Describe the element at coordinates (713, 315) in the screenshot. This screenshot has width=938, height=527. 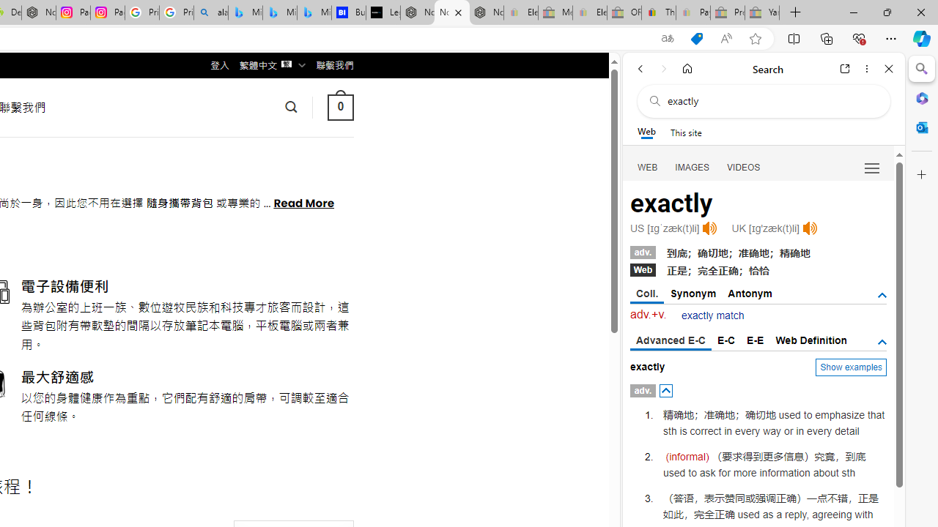
I see `'exactly match'` at that location.